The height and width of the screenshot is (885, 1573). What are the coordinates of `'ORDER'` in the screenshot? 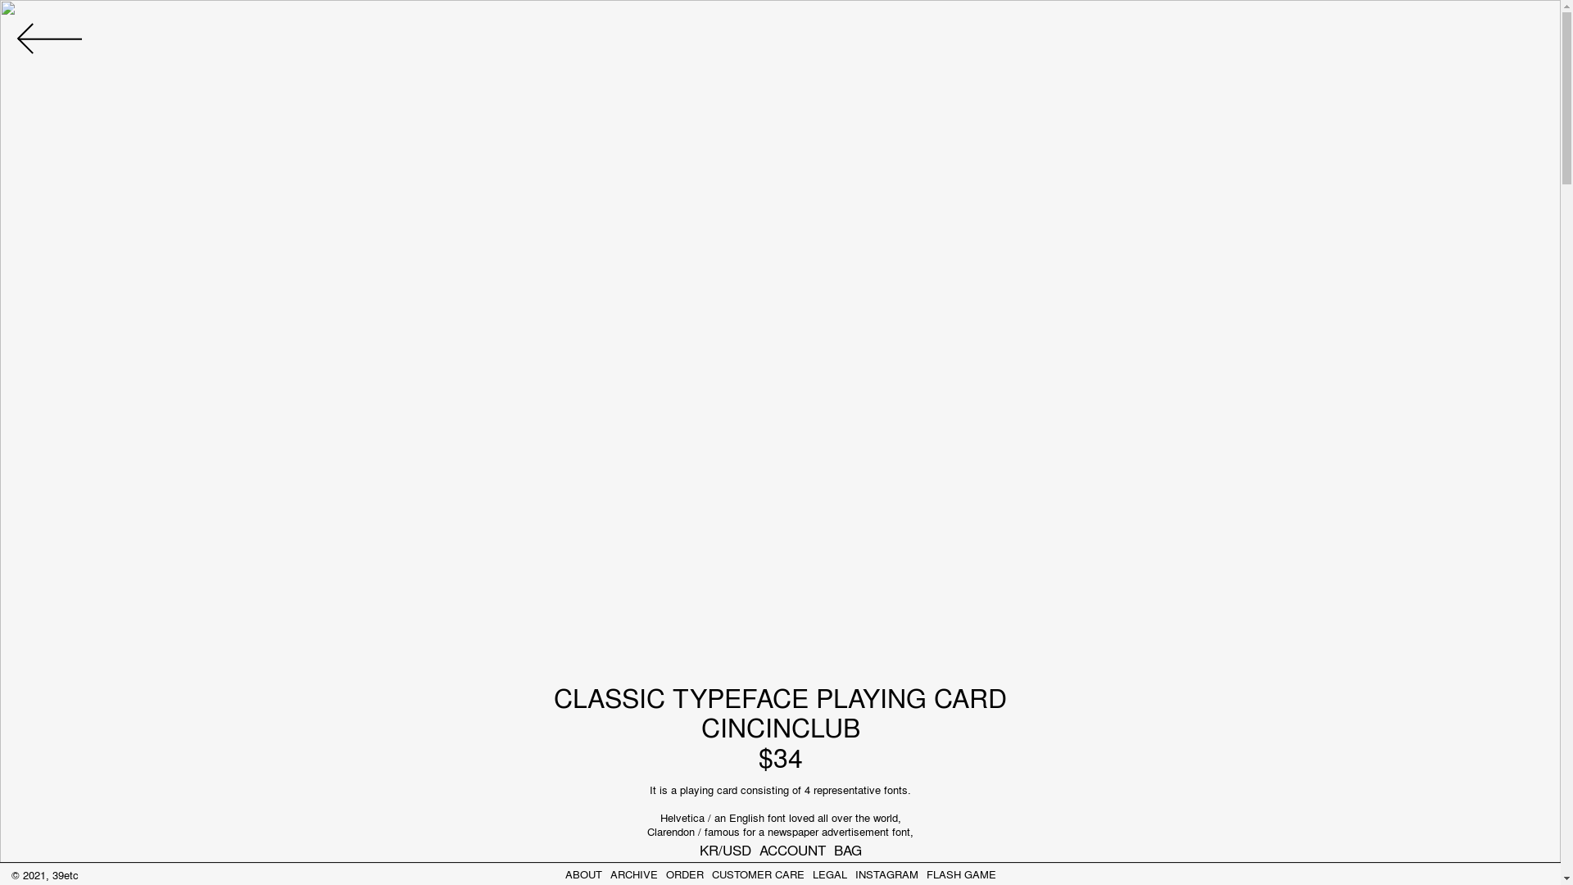 It's located at (664, 873).